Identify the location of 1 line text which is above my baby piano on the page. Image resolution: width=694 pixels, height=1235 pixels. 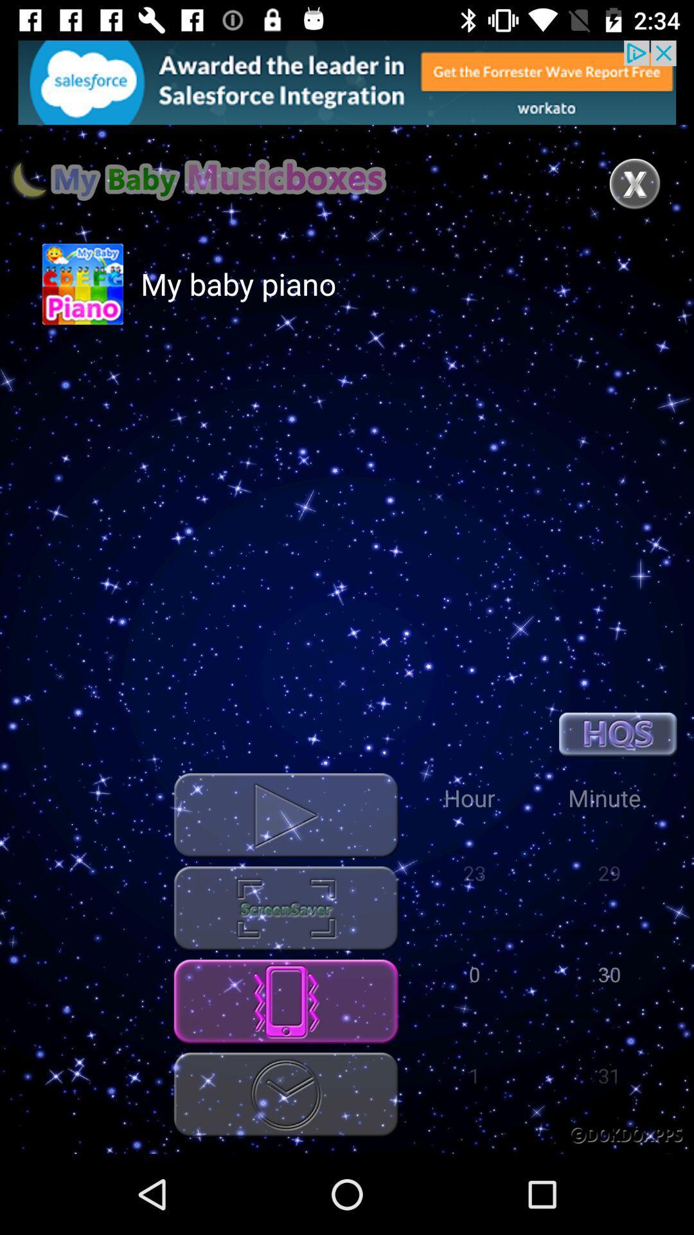
(198, 179).